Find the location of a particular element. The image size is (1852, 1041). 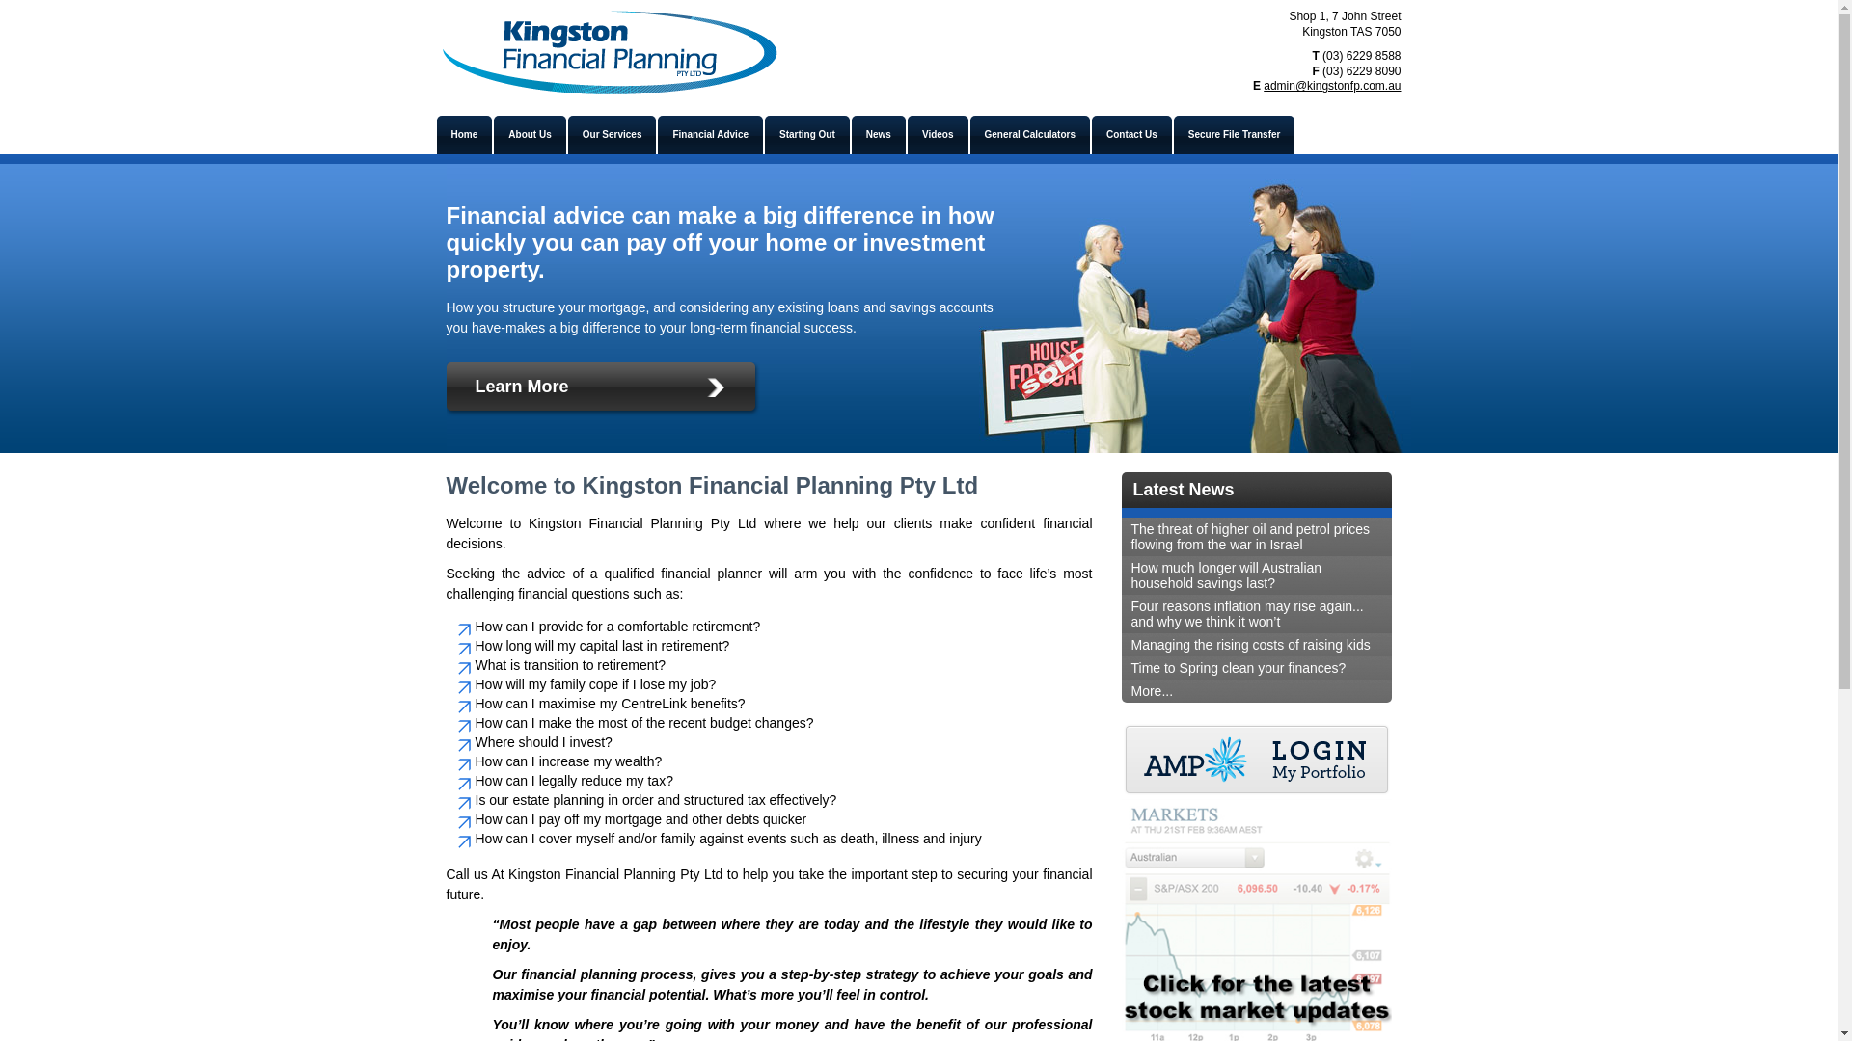

'Secure File Transfer' is located at coordinates (1173, 133).